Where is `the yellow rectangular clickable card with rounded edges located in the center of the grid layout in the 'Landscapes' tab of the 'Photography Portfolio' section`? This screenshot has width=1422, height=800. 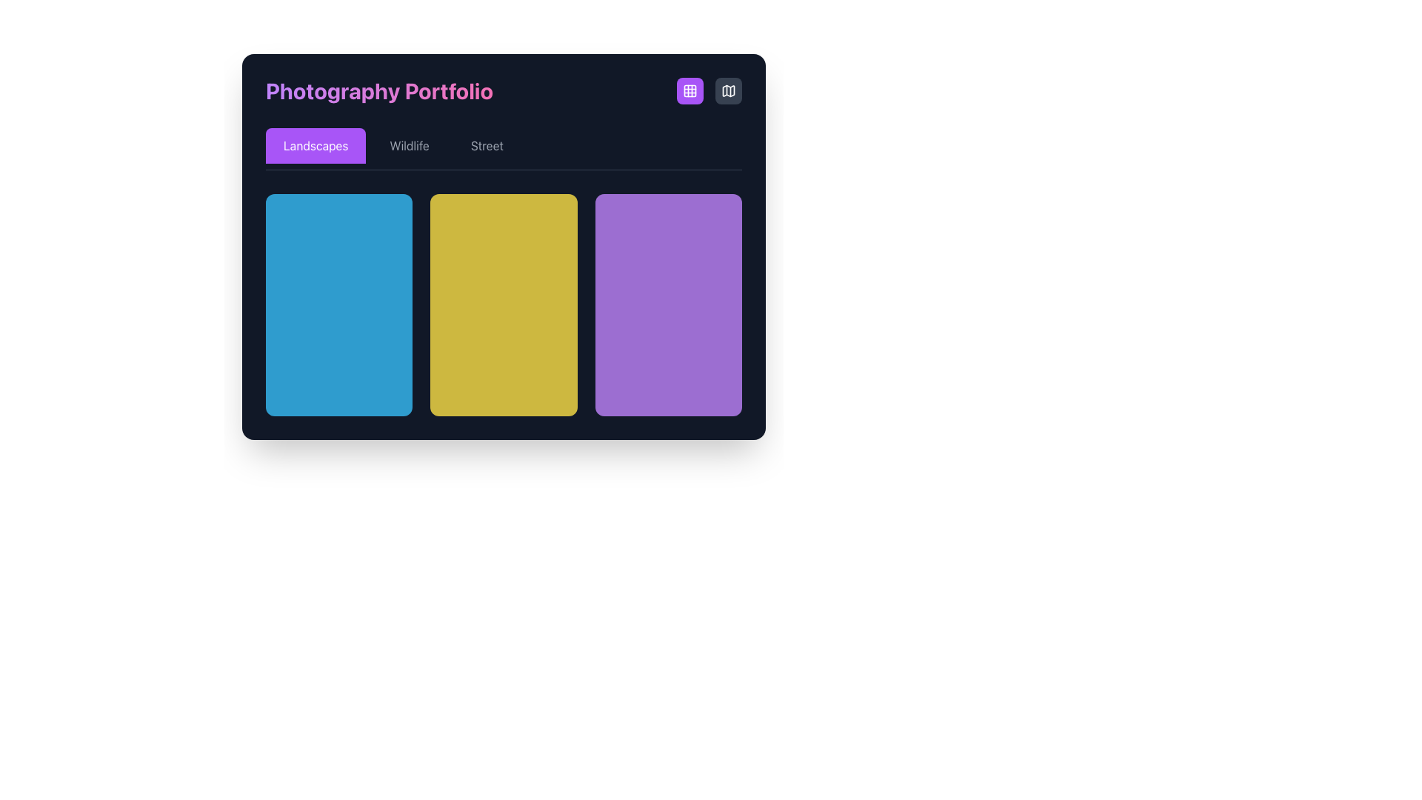 the yellow rectangular clickable card with rounded edges located in the center of the grid layout in the 'Landscapes' tab of the 'Photography Portfolio' section is located at coordinates (504, 246).